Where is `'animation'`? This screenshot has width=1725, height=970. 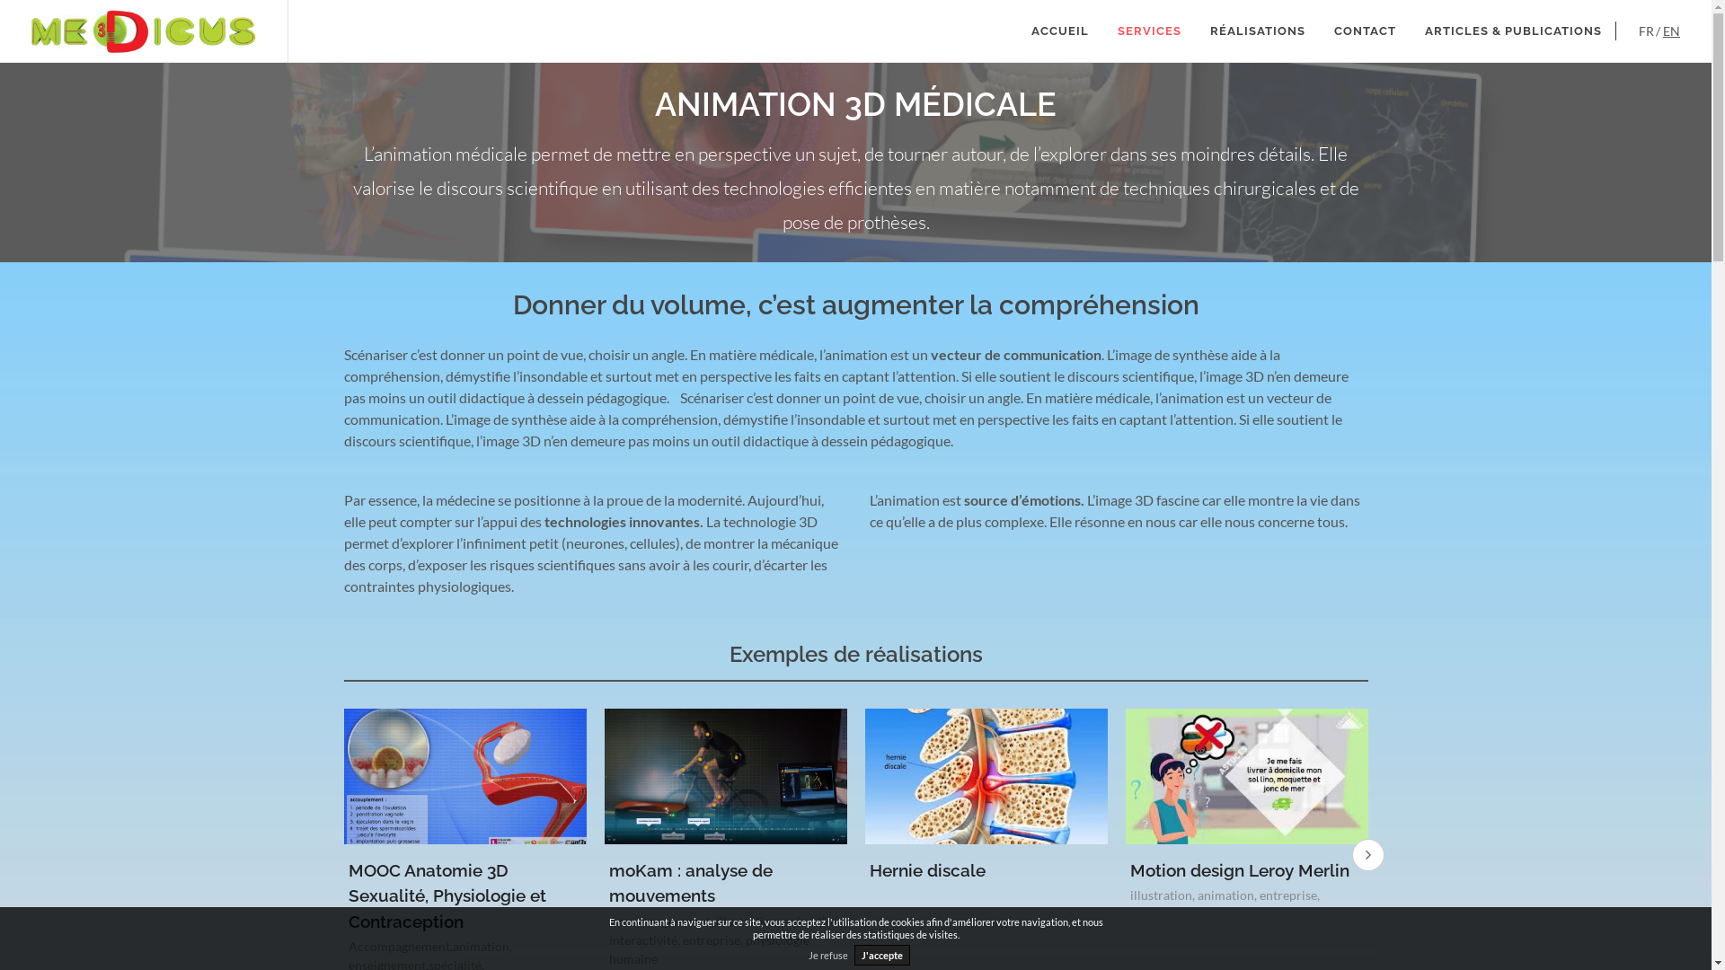 'animation' is located at coordinates (783, 921).